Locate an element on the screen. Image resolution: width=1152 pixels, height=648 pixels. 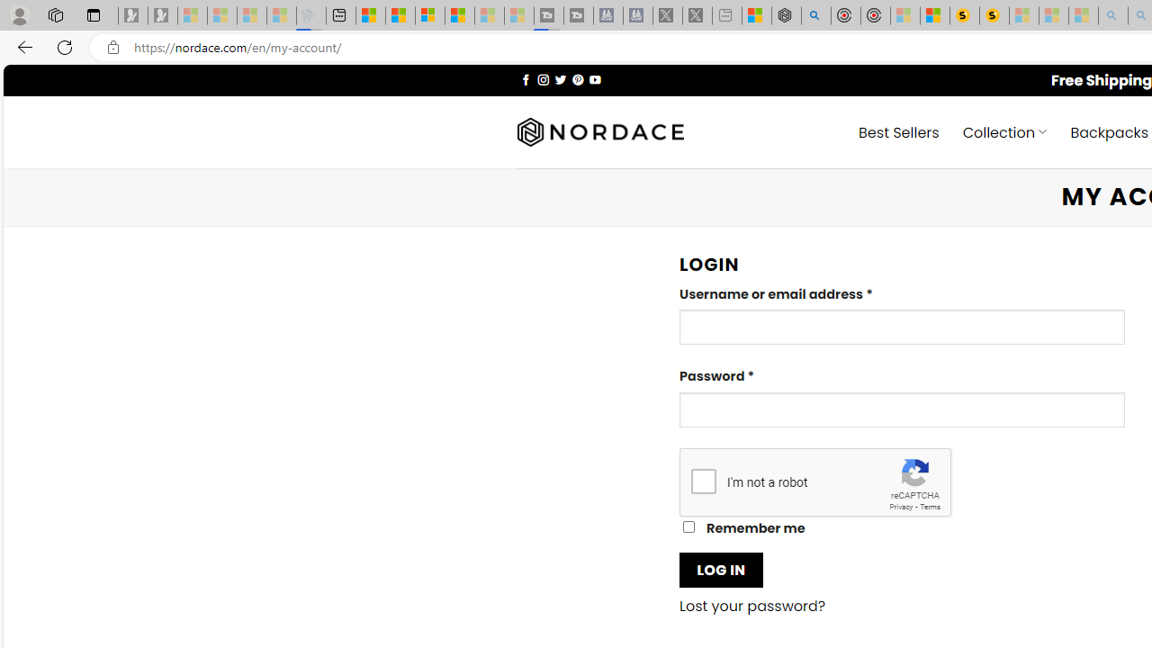
'X - Sleeping' is located at coordinates (697, 15).